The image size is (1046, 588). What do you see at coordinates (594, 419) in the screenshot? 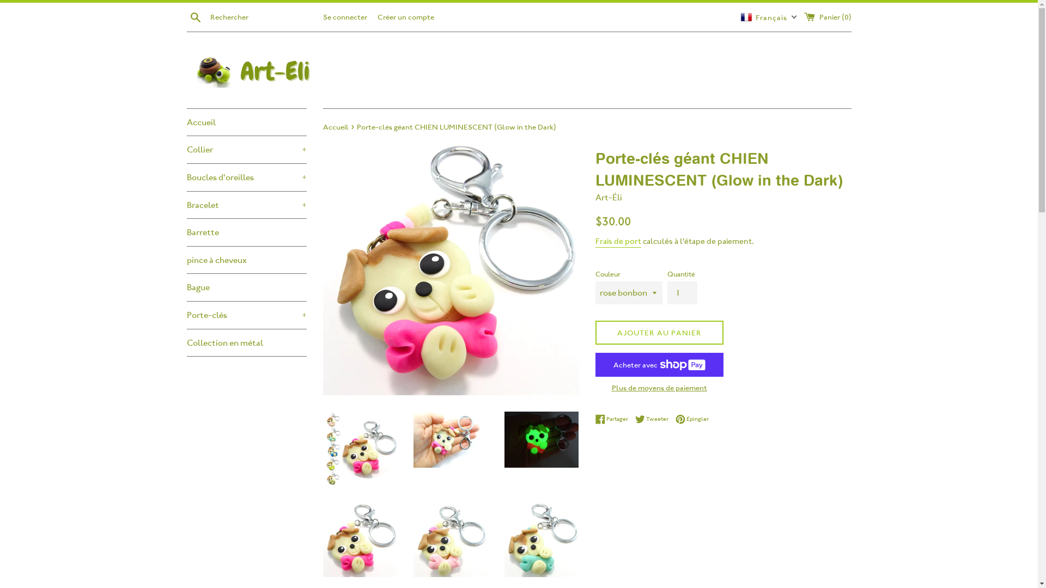
I see `'Partager` at bounding box center [594, 419].